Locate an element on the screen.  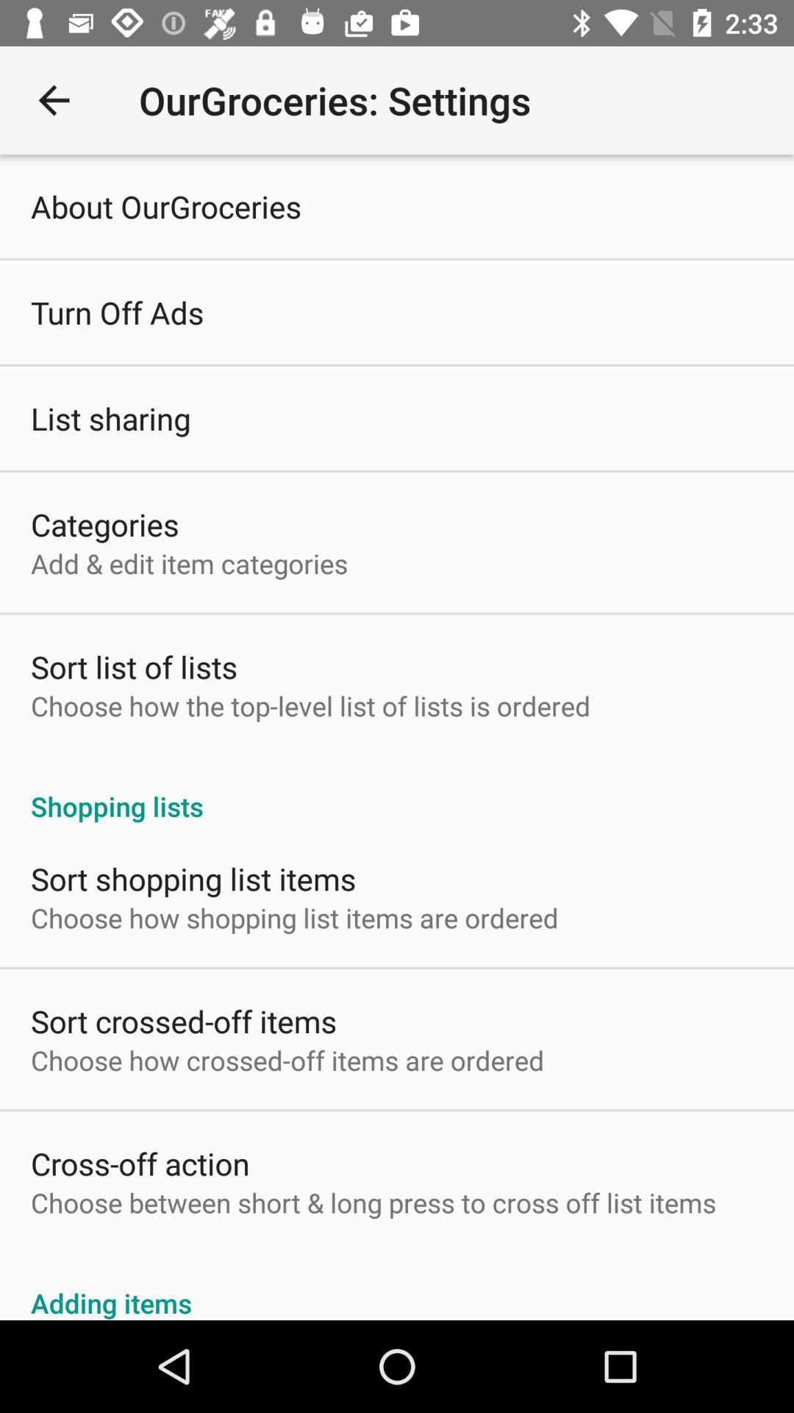
icon above the categories is located at coordinates (110, 417).